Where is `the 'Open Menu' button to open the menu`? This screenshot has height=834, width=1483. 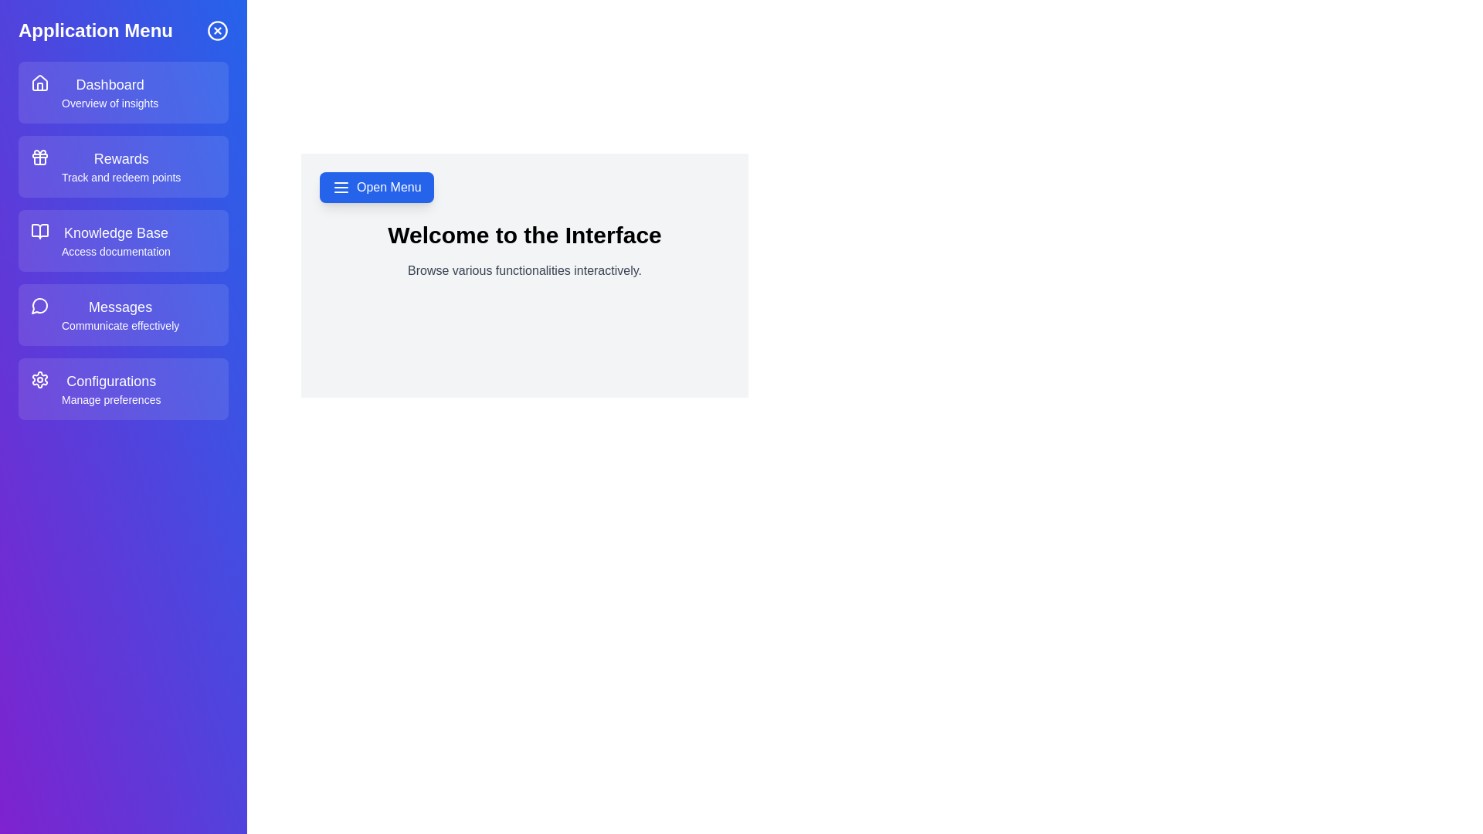
the 'Open Menu' button to open the menu is located at coordinates (376, 187).